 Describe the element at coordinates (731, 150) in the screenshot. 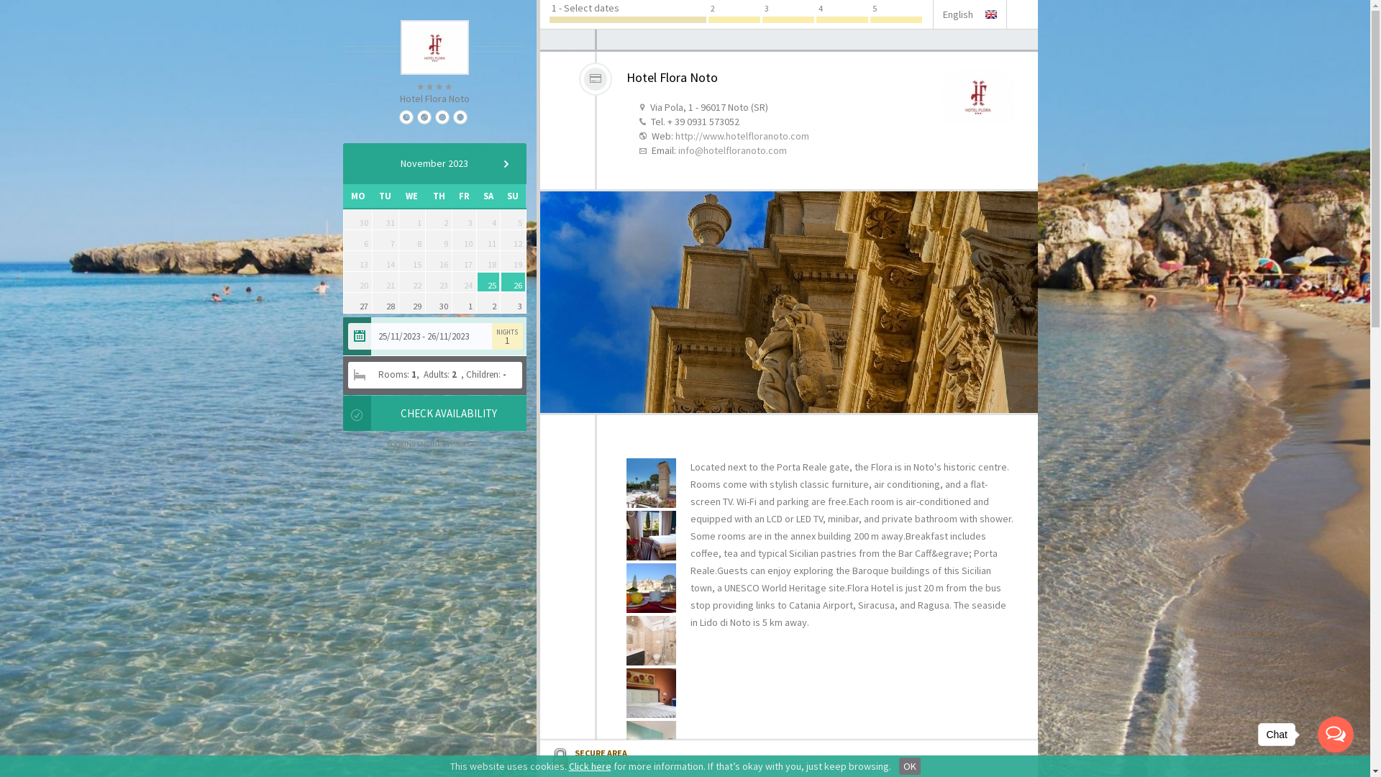

I see `'info@hotelfloranoto.com'` at that location.